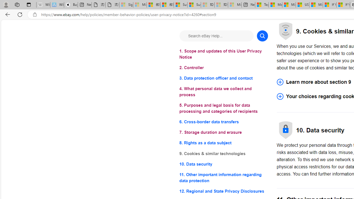 This screenshot has width=354, height=199. I want to click on '3. Data protection officer and contact', so click(223, 78).